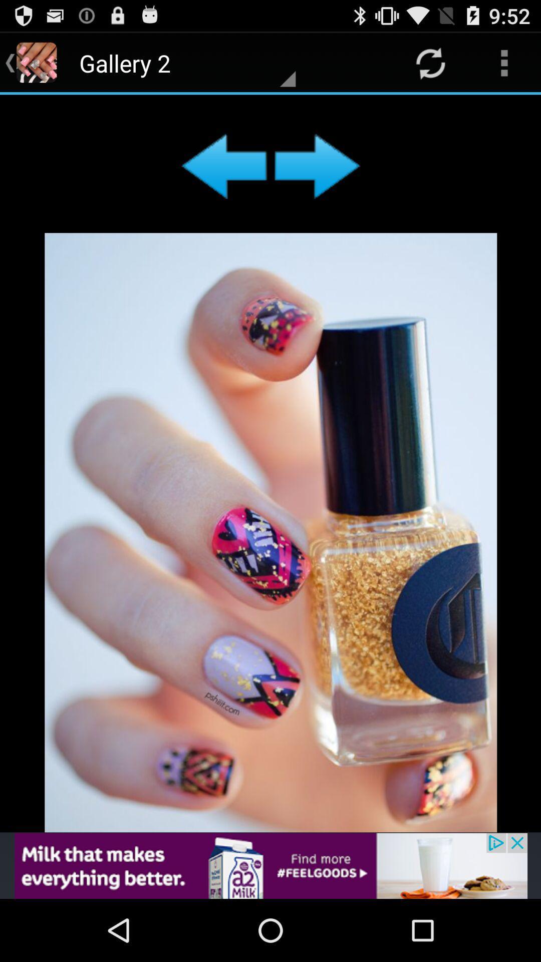 This screenshot has width=541, height=962. Describe the element at coordinates (270, 865) in the screenshot. I see `the opti` at that location.